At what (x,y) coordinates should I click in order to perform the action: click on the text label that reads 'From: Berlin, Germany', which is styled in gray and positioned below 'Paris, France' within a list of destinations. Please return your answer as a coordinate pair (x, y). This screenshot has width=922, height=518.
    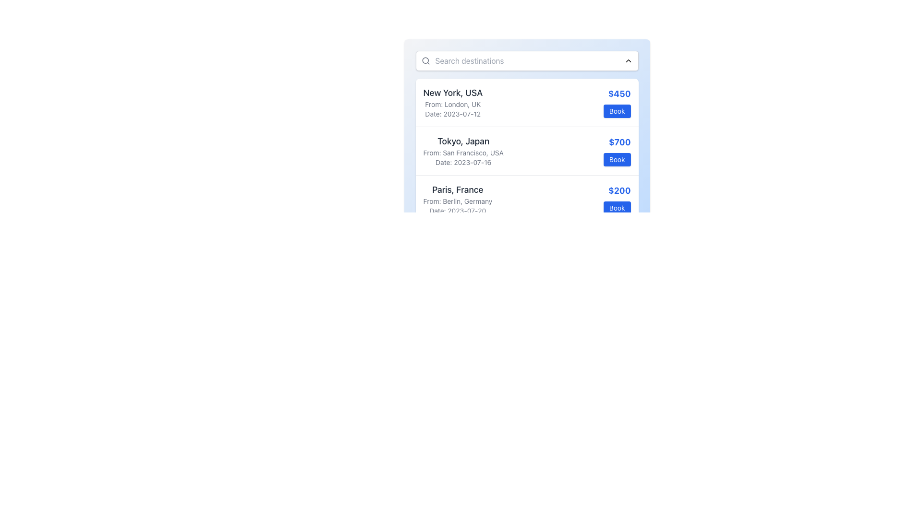
    Looking at the image, I should click on (457, 201).